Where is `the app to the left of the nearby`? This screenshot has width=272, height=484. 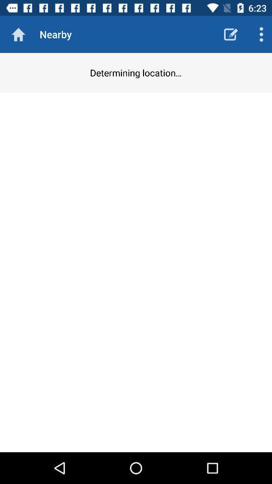 the app to the left of the nearby is located at coordinates (18, 34).